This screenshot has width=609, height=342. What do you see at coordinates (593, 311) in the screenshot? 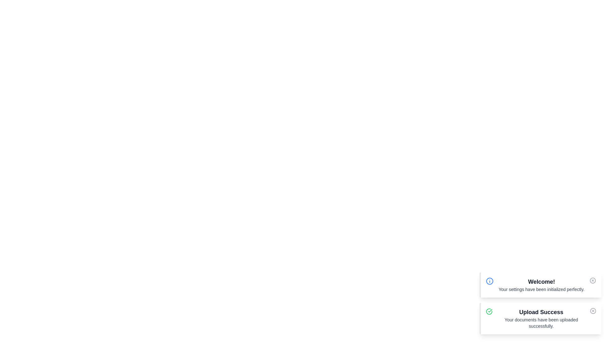
I see `the close button of the notification with title Upload Success` at bounding box center [593, 311].